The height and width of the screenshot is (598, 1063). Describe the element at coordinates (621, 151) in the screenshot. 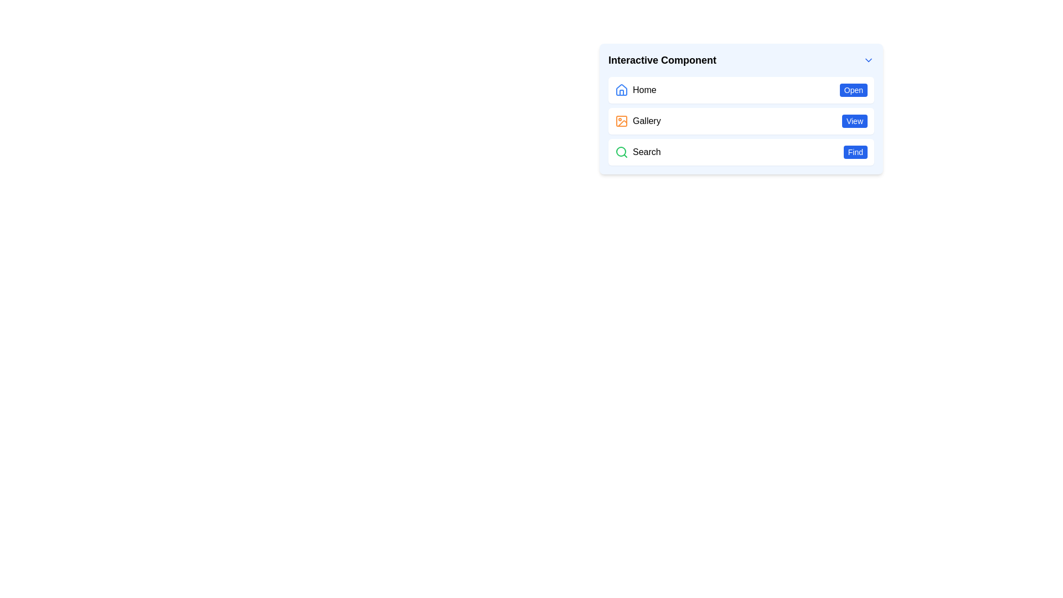

I see `the leftmost circular SVG icon representing the Search functionality within the 'Interactive Component' widget` at that location.